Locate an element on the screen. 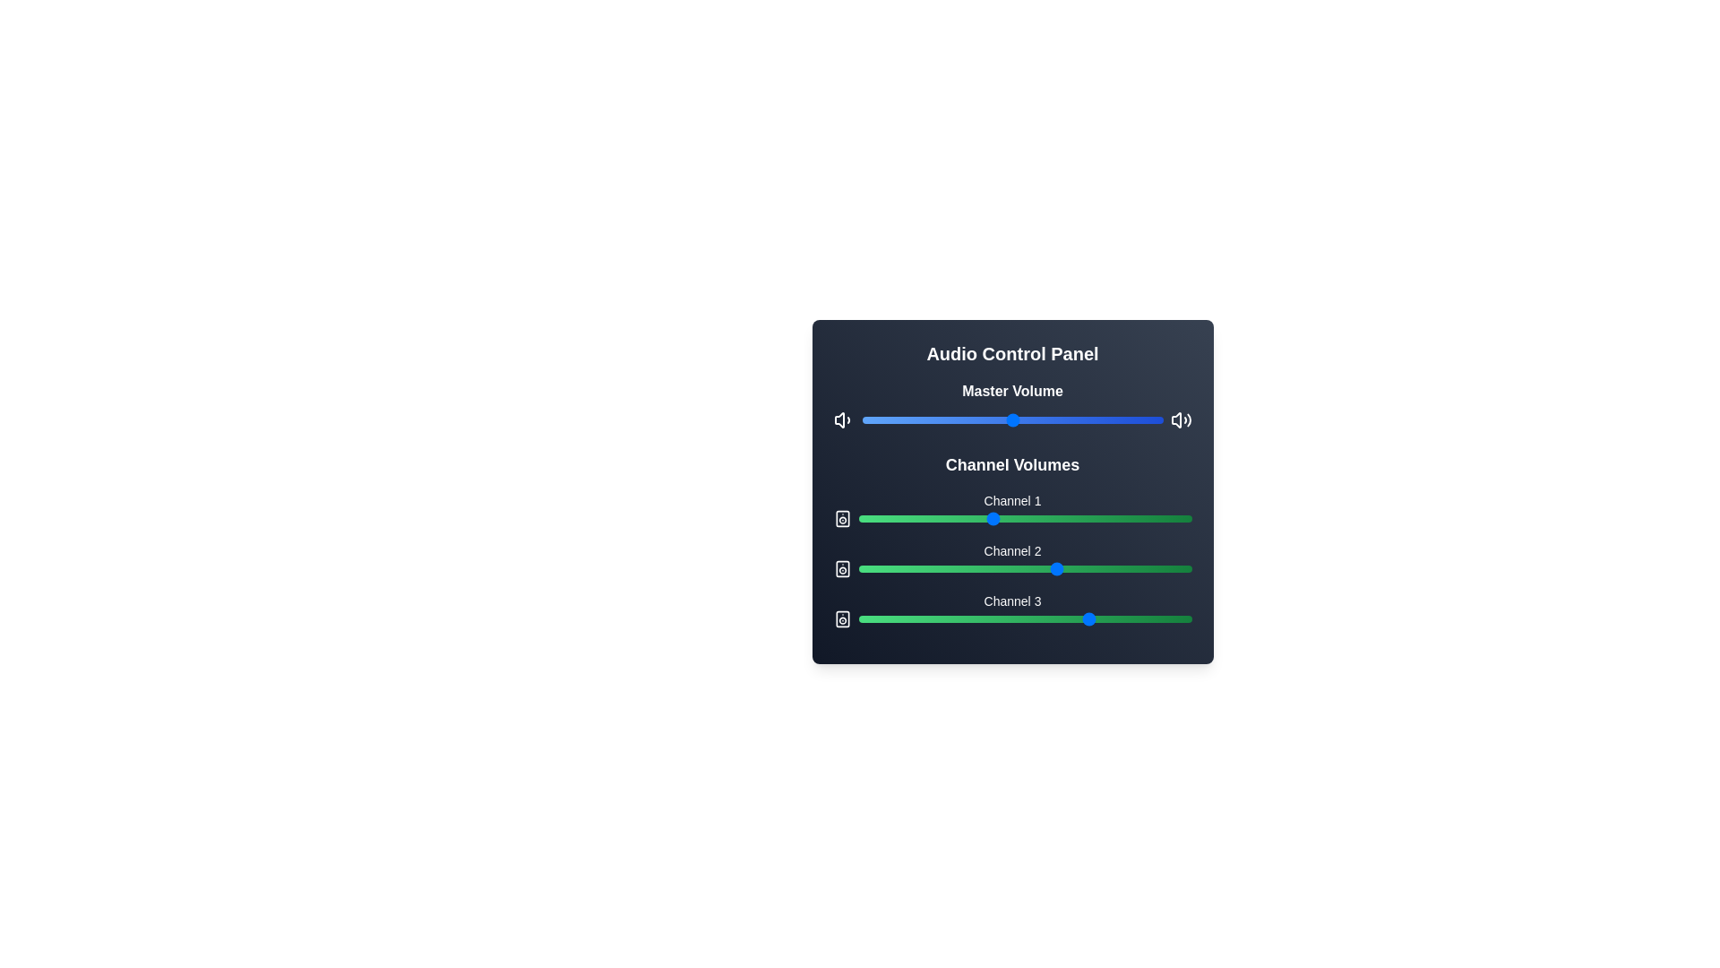  the vertically elongated rectangle with rounded corners, styled with a dark background color, which represents the main body of the speaker icon in the Audio Control Panel interface is located at coordinates (841, 518).